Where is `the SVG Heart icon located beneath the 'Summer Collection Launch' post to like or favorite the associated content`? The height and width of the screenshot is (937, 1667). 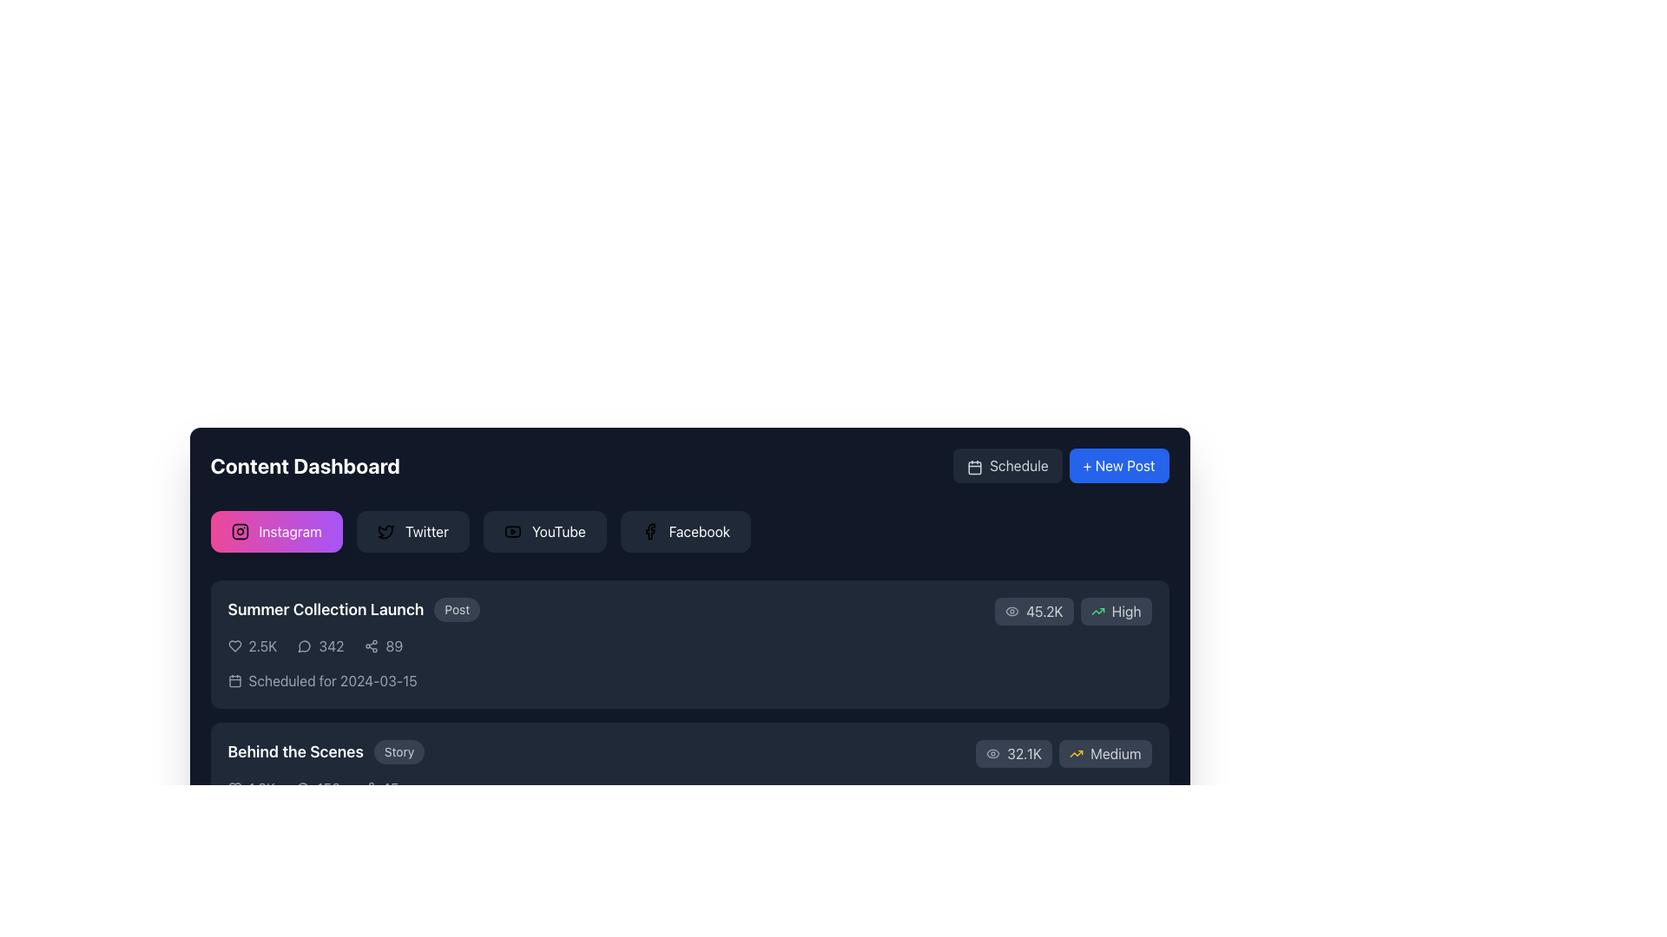 the SVG Heart icon located beneath the 'Summer Collection Launch' post to like or favorite the associated content is located at coordinates (234, 789).